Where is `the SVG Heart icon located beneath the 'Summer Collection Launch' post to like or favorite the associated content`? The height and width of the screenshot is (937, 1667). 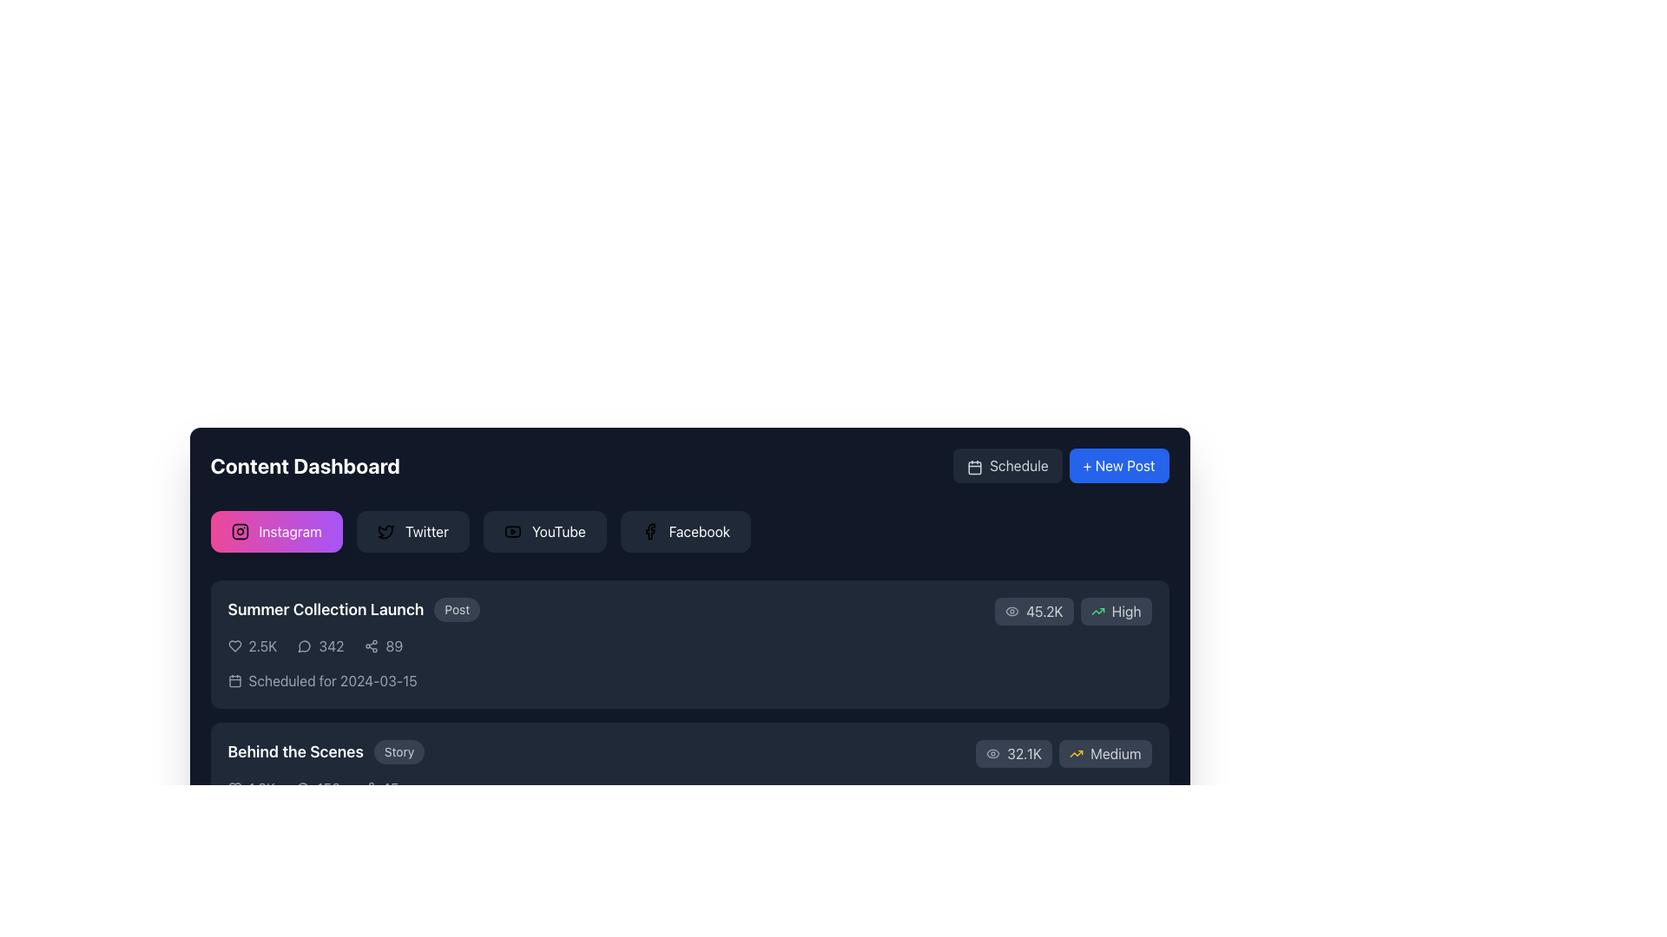 the SVG Heart icon located beneath the 'Summer Collection Launch' post to like or favorite the associated content is located at coordinates (234, 789).